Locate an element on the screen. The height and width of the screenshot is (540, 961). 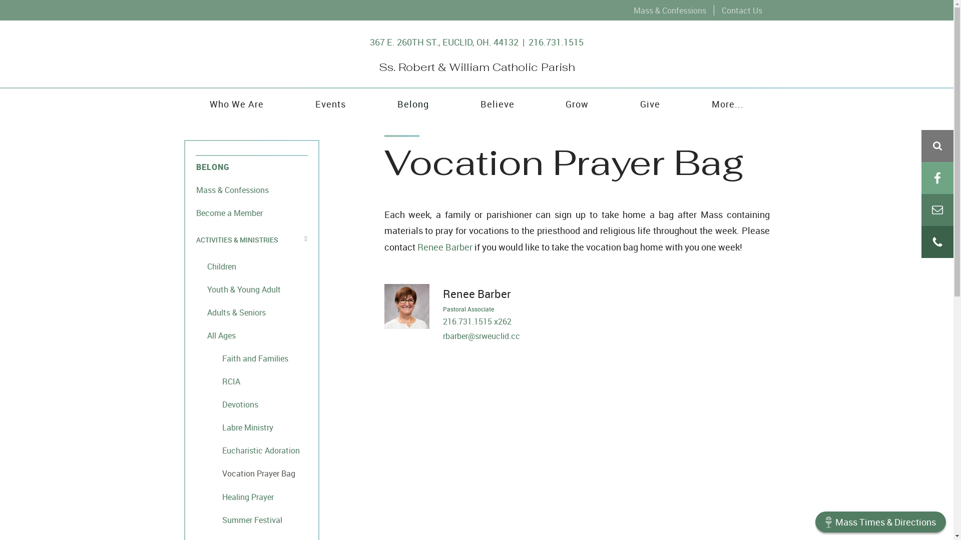
'Events' is located at coordinates (330, 103).